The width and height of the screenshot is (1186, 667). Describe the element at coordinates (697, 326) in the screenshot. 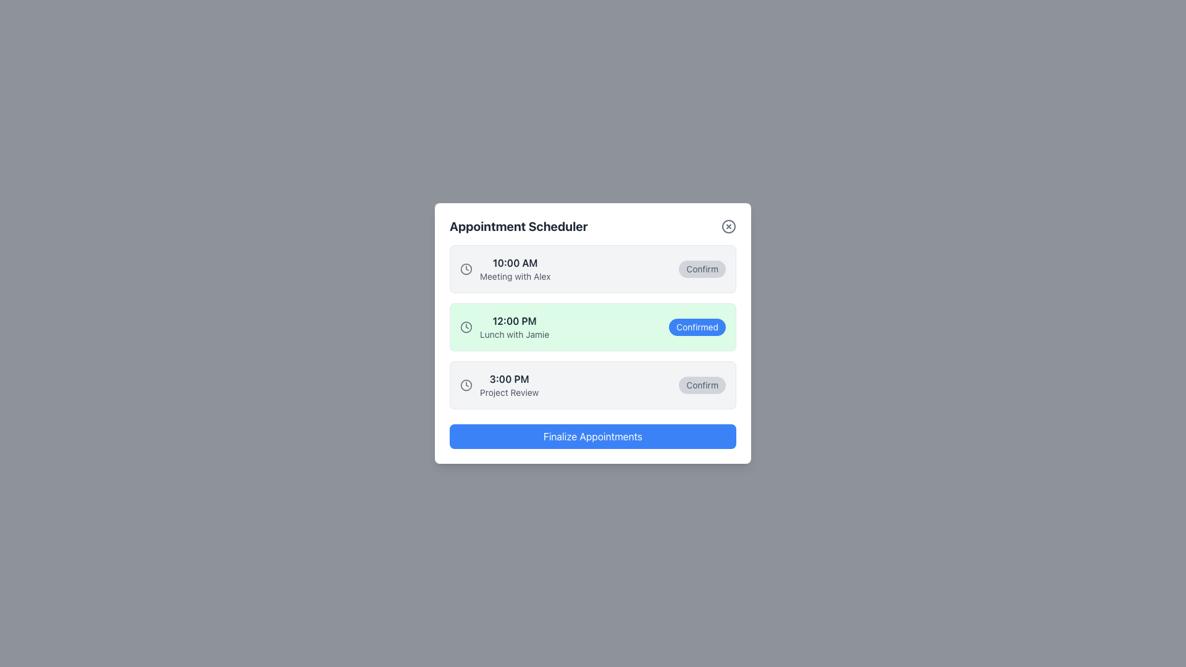

I see `the 'Confirmed' button to interact with the appointment status` at that location.